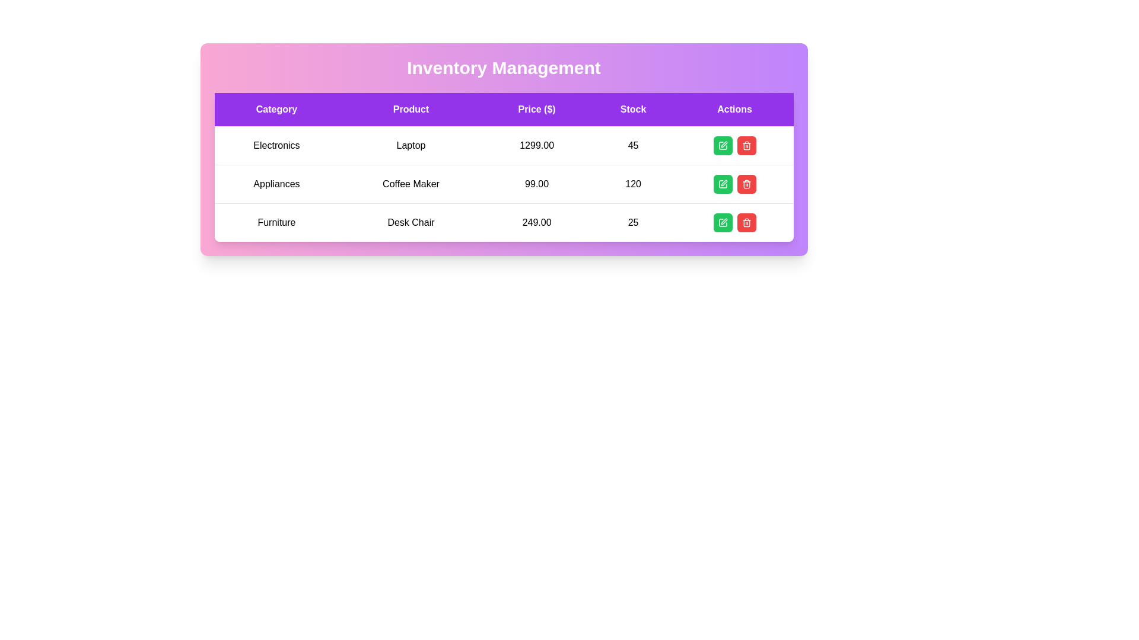  Describe the element at coordinates (276, 222) in the screenshot. I see `text from the 'Furniture' category title label located in the leftmost column of the third row in the table, which is below 'Appliances' and to the left of 'Desk Chair'` at that location.